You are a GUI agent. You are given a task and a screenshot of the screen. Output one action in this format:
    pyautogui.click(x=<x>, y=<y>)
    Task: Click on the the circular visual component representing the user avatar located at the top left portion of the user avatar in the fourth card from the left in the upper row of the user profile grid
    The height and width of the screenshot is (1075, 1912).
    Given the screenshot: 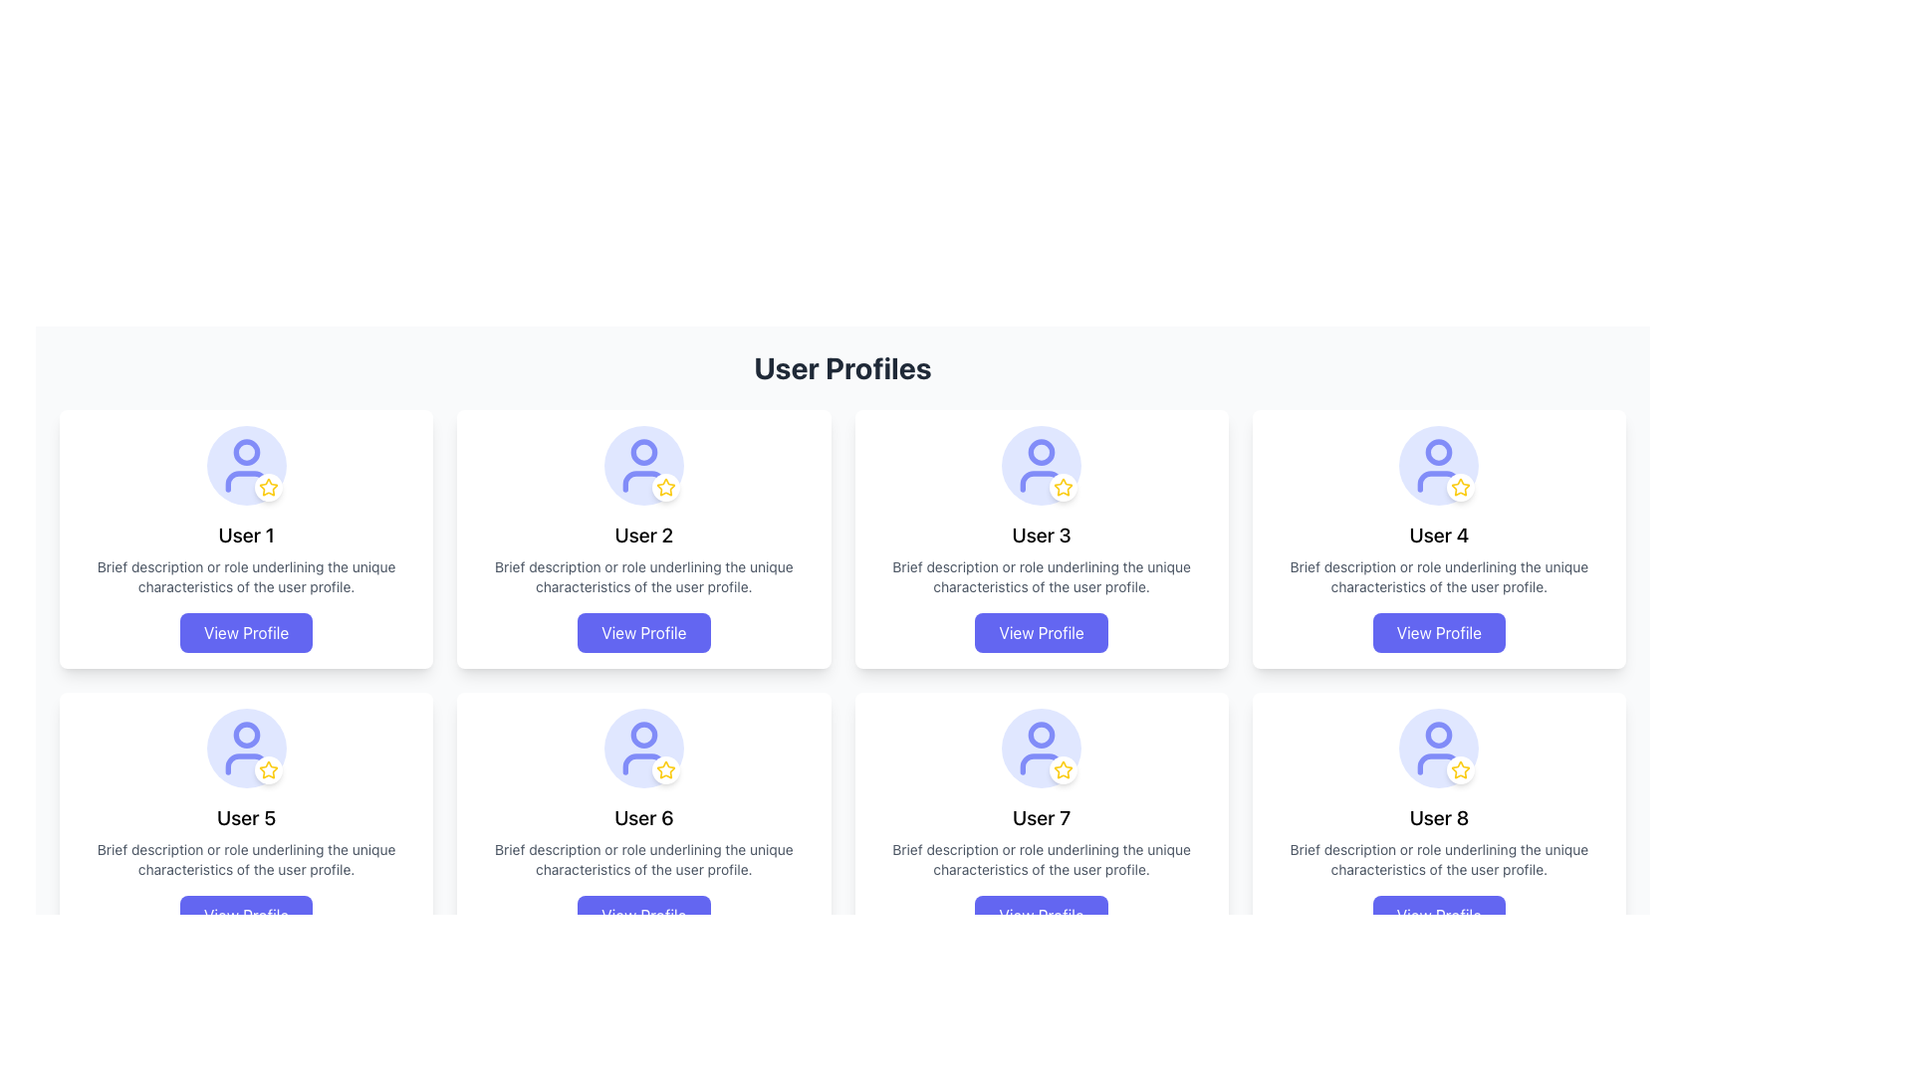 What is the action you would take?
    pyautogui.click(x=1439, y=452)
    